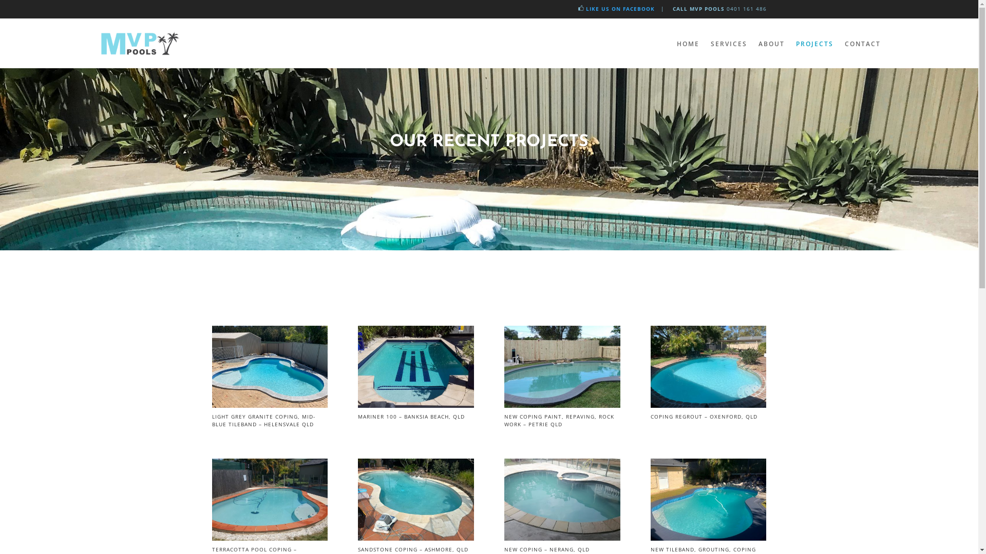  I want to click on 'FACEBOOK', so click(637, 8).